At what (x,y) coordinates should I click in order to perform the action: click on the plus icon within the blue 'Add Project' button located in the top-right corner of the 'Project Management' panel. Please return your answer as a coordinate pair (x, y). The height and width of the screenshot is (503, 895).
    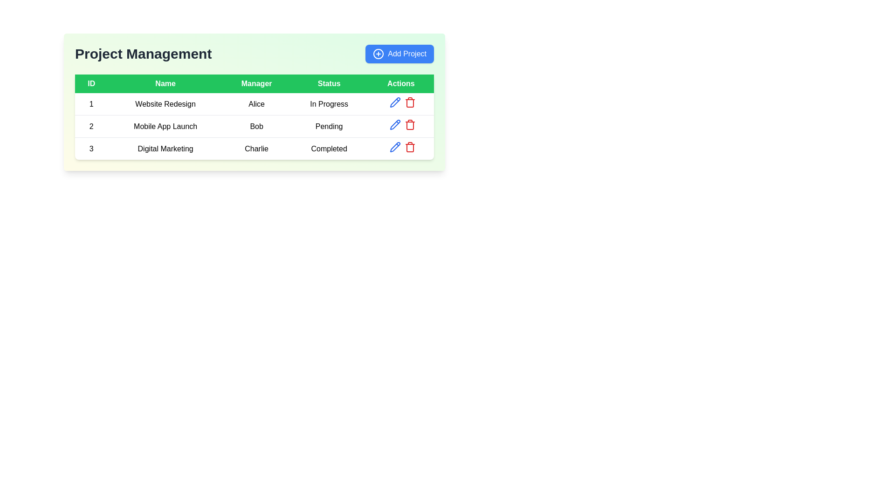
    Looking at the image, I should click on (379, 54).